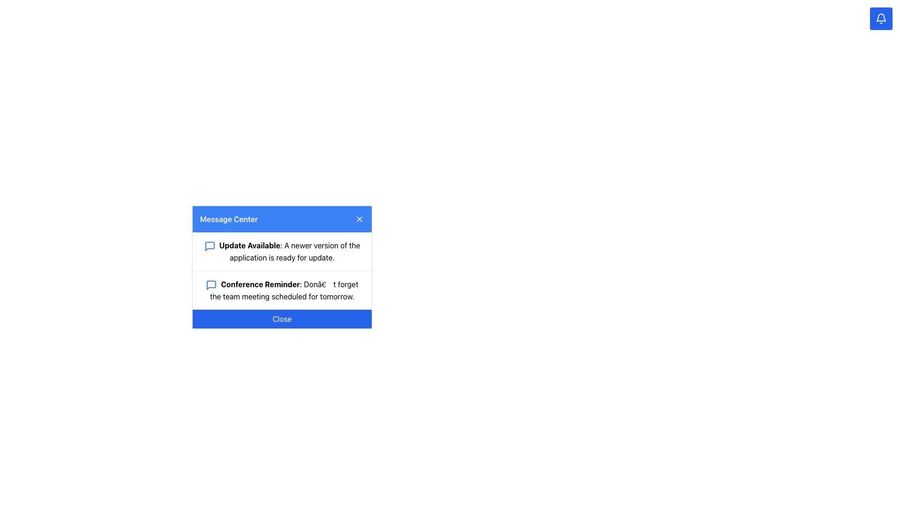 The height and width of the screenshot is (506, 900). What do you see at coordinates (281, 289) in the screenshot?
I see `the Notification Item that serves to inform the user of an upcoming team meeting, located below the 'Update Available' notification` at bounding box center [281, 289].